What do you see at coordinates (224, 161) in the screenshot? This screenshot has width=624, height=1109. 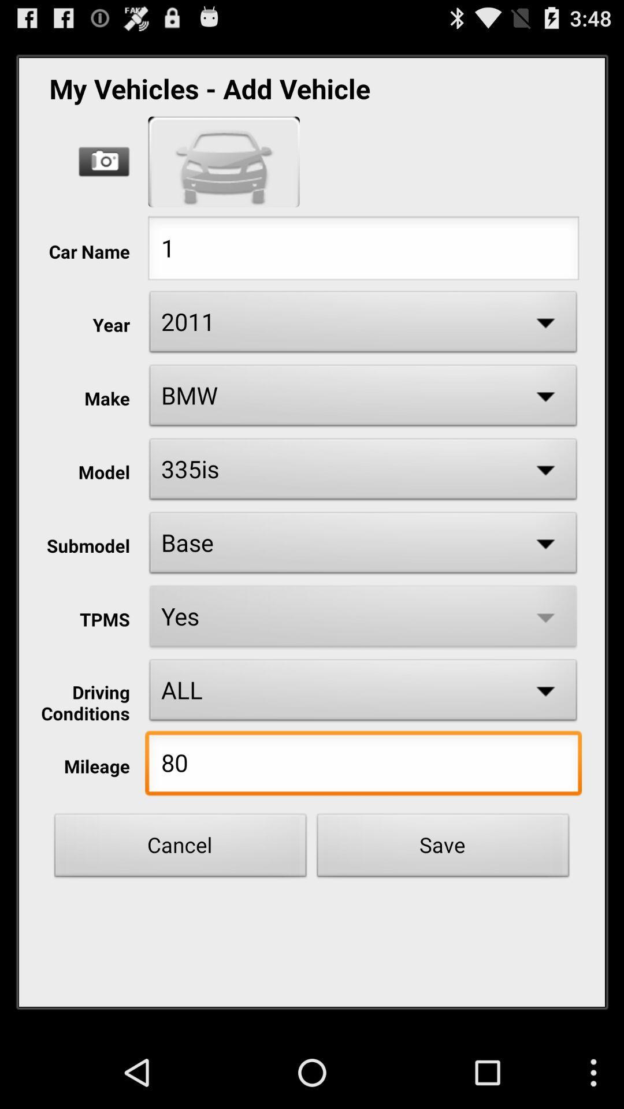 I see `show car model` at bounding box center [224, 161].